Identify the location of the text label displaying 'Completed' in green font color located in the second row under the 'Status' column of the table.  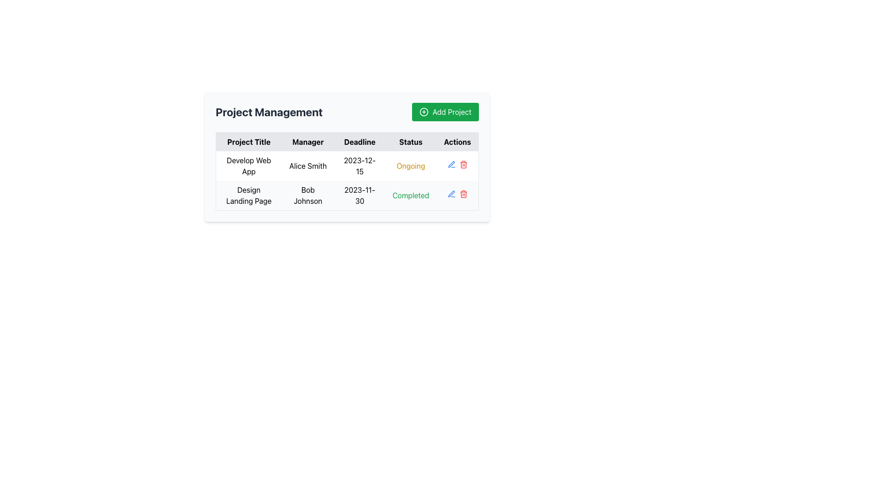
(410, 195).